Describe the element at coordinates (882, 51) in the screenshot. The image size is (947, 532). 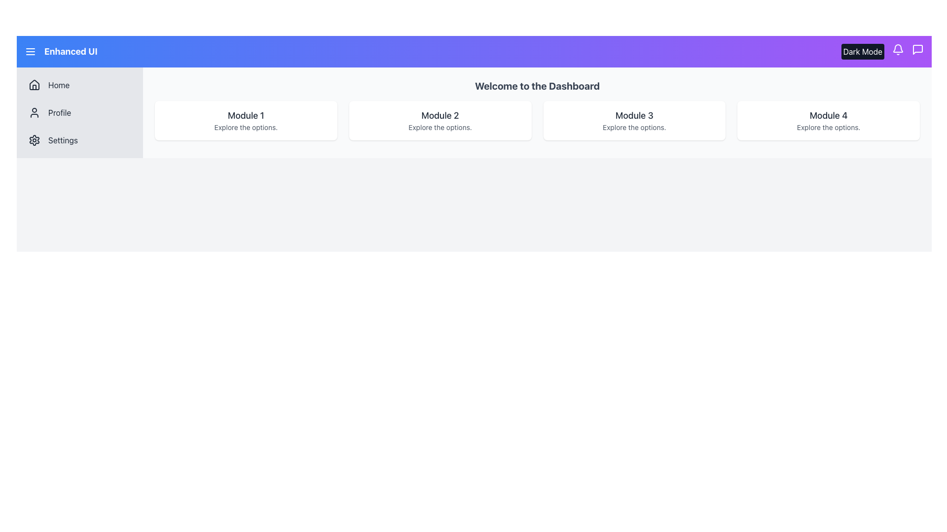
I see `the dark mode toggle button located at the top-right corner of the interface, adjacent to the notification and message icons` at that location.